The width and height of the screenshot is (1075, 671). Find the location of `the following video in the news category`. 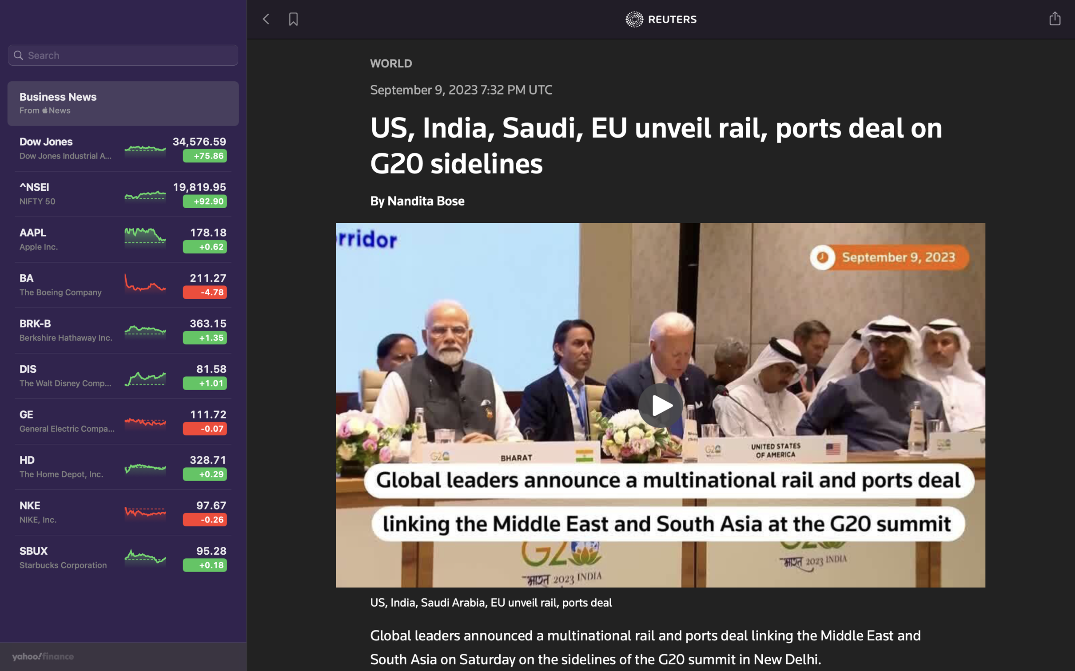

the following video in the news category is located at coordinates (661, 403).